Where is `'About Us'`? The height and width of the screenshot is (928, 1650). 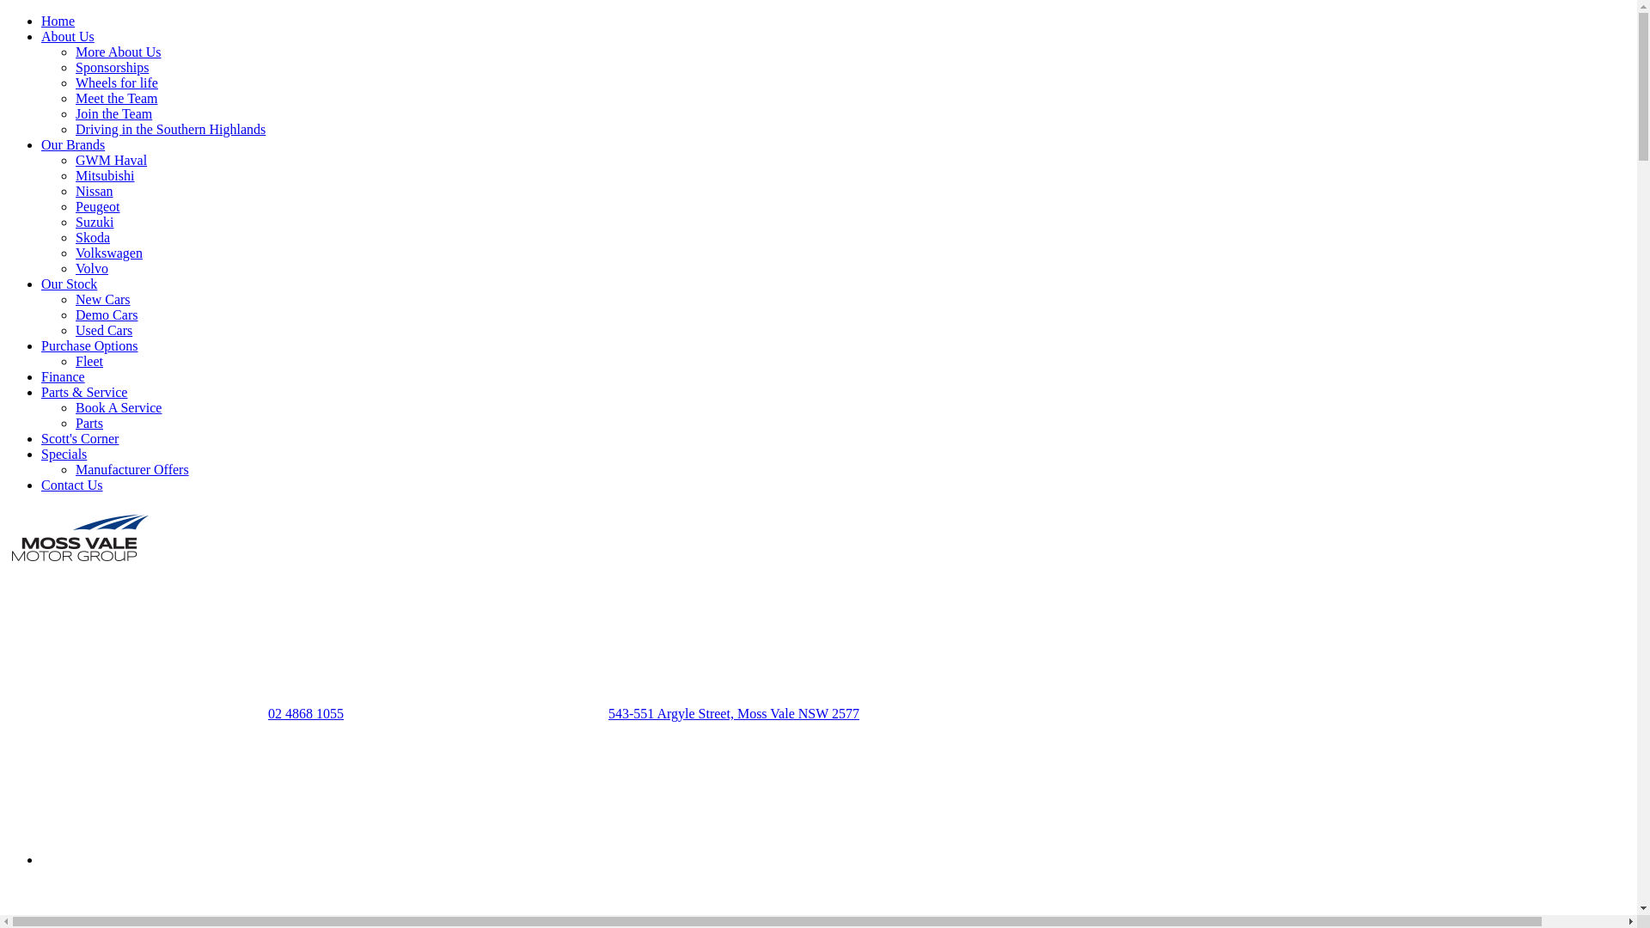
'About Us' is located at coordinates (67, 36).